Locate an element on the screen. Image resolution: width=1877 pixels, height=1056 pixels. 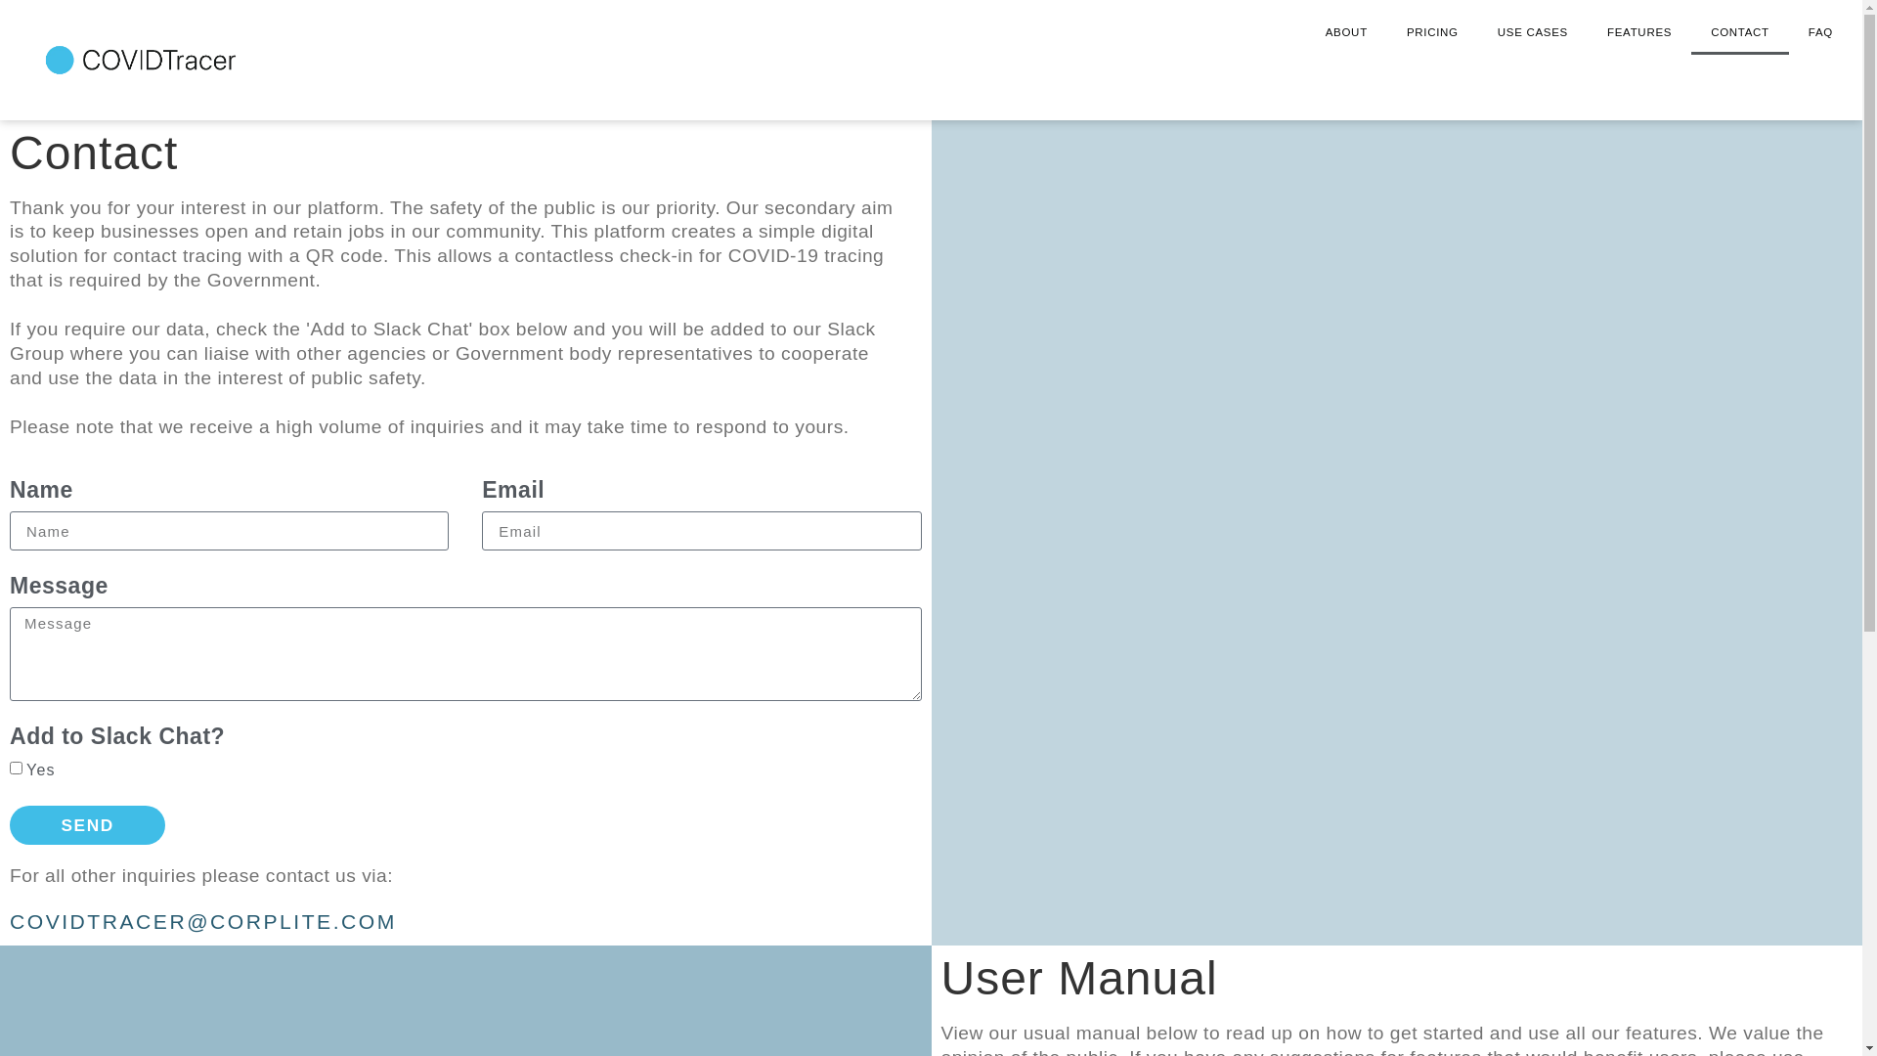
'FAQ' is located at coordinates (1819, 32).